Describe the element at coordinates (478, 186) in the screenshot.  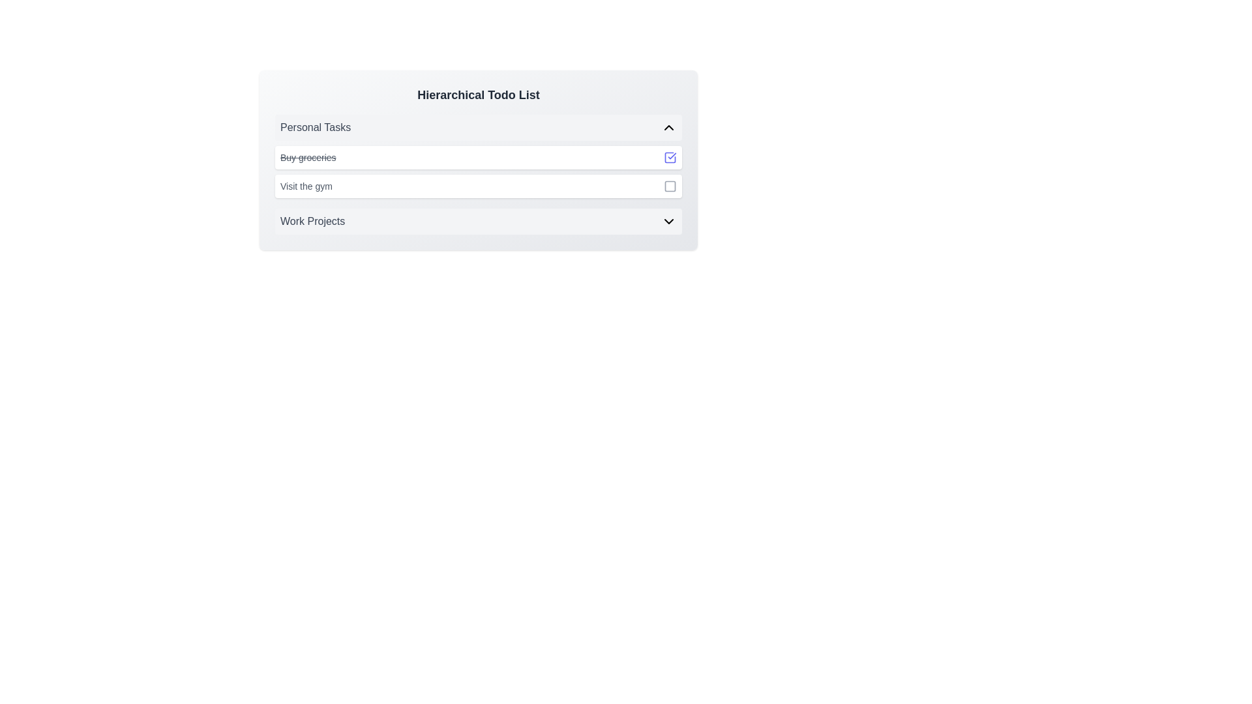
I see `the task list item checkbox for 'Visit the gym'` at that location.